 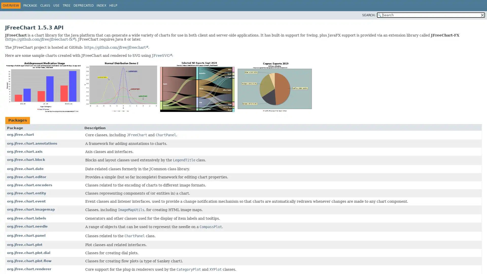 I want to click on reset, so click(x=482, y=14).